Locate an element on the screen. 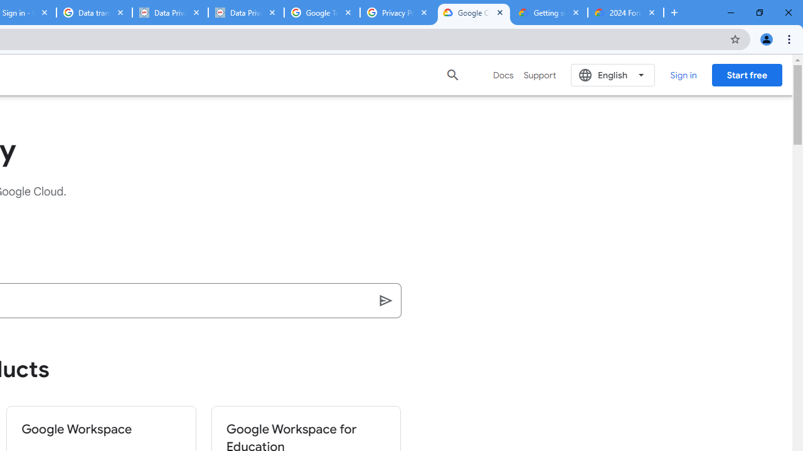  'Restore' is located at coordinates (758, 13).